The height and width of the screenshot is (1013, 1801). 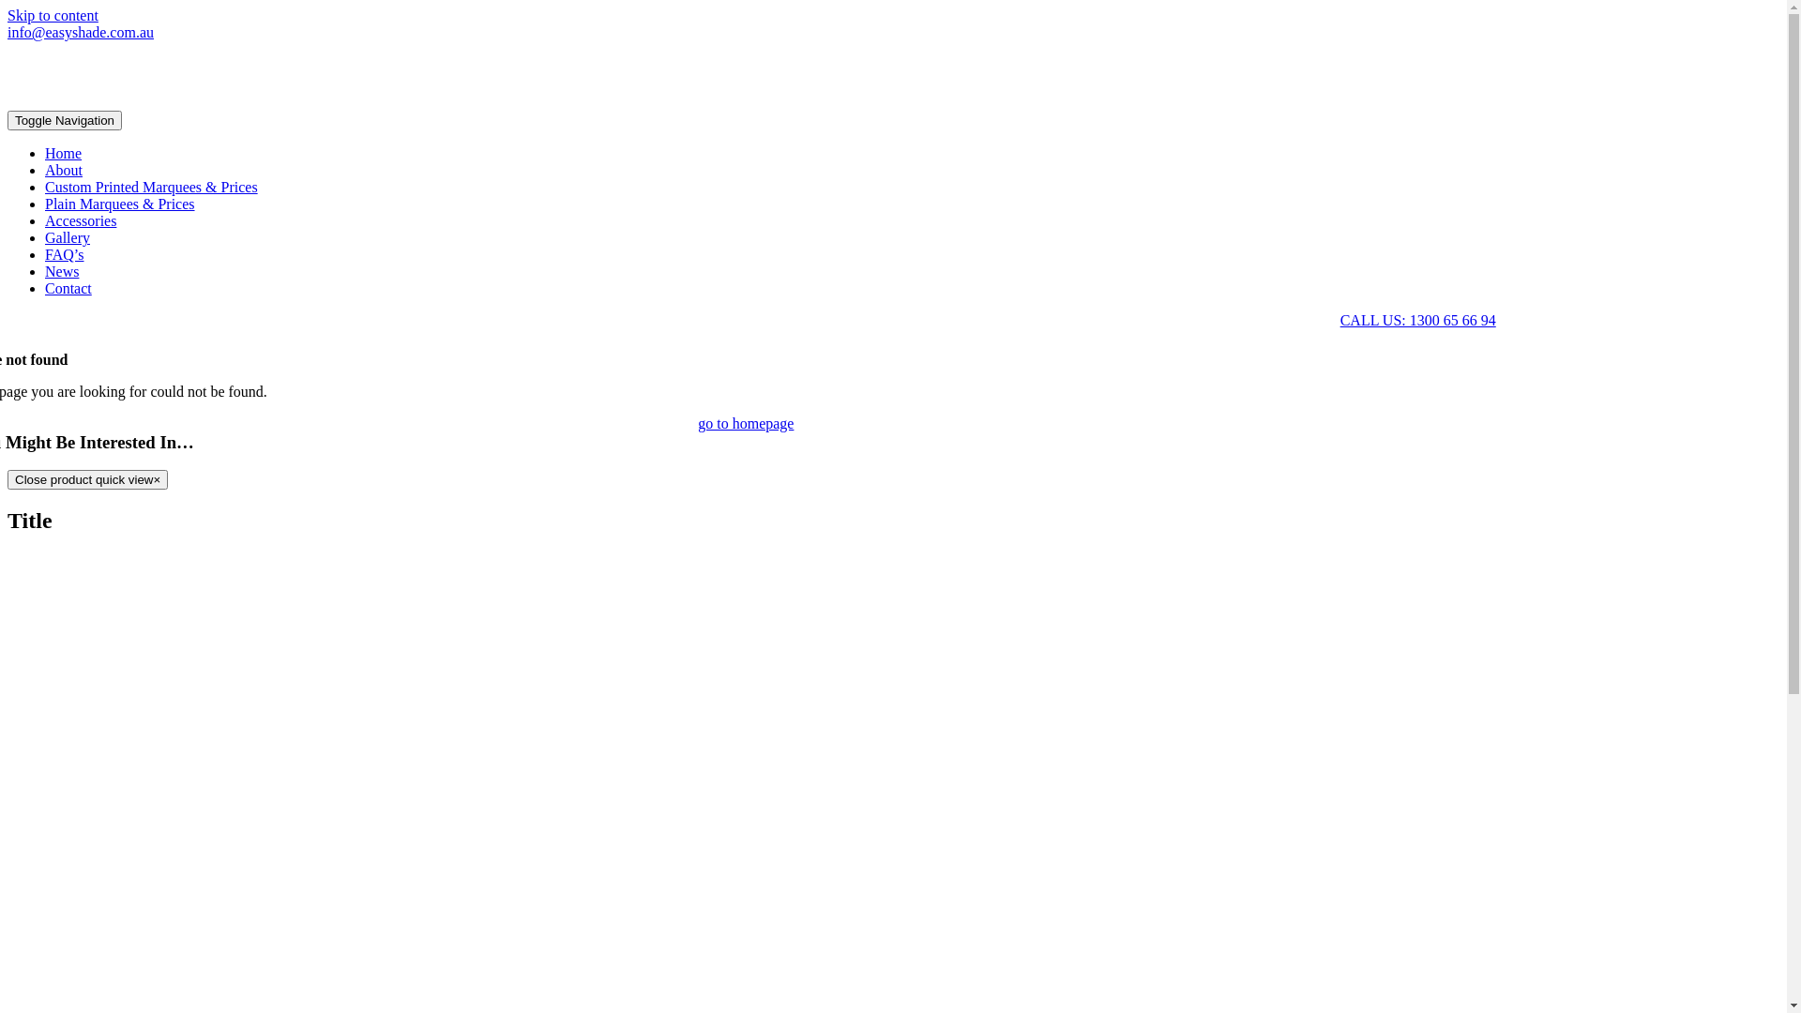 I want to click on 'Custom Printed Marquees & Prices', so click(x=151, y=187).